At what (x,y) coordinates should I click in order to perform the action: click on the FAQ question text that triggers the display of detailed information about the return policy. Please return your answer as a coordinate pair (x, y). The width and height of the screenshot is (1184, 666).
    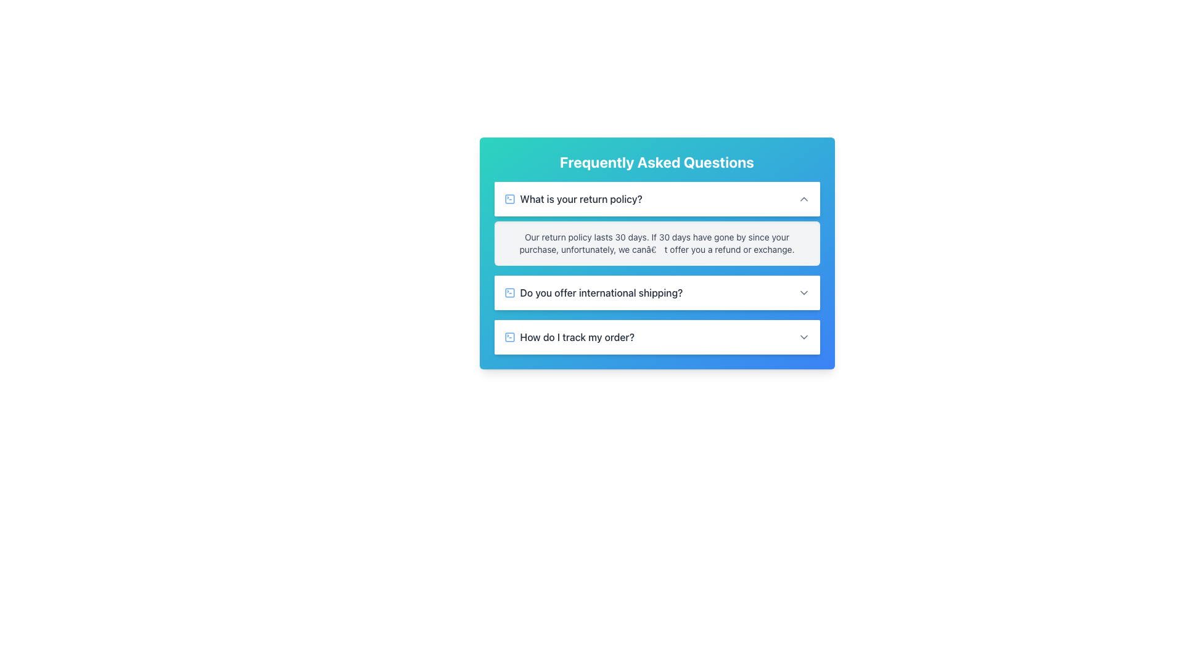
    Looking at the image, I should click on (580, 199).